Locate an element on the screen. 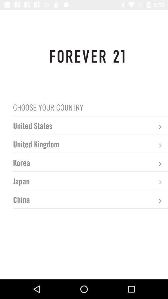 The width and height of the screenshot is (168, 299). forever 21 is located at coordinates (87, 56).